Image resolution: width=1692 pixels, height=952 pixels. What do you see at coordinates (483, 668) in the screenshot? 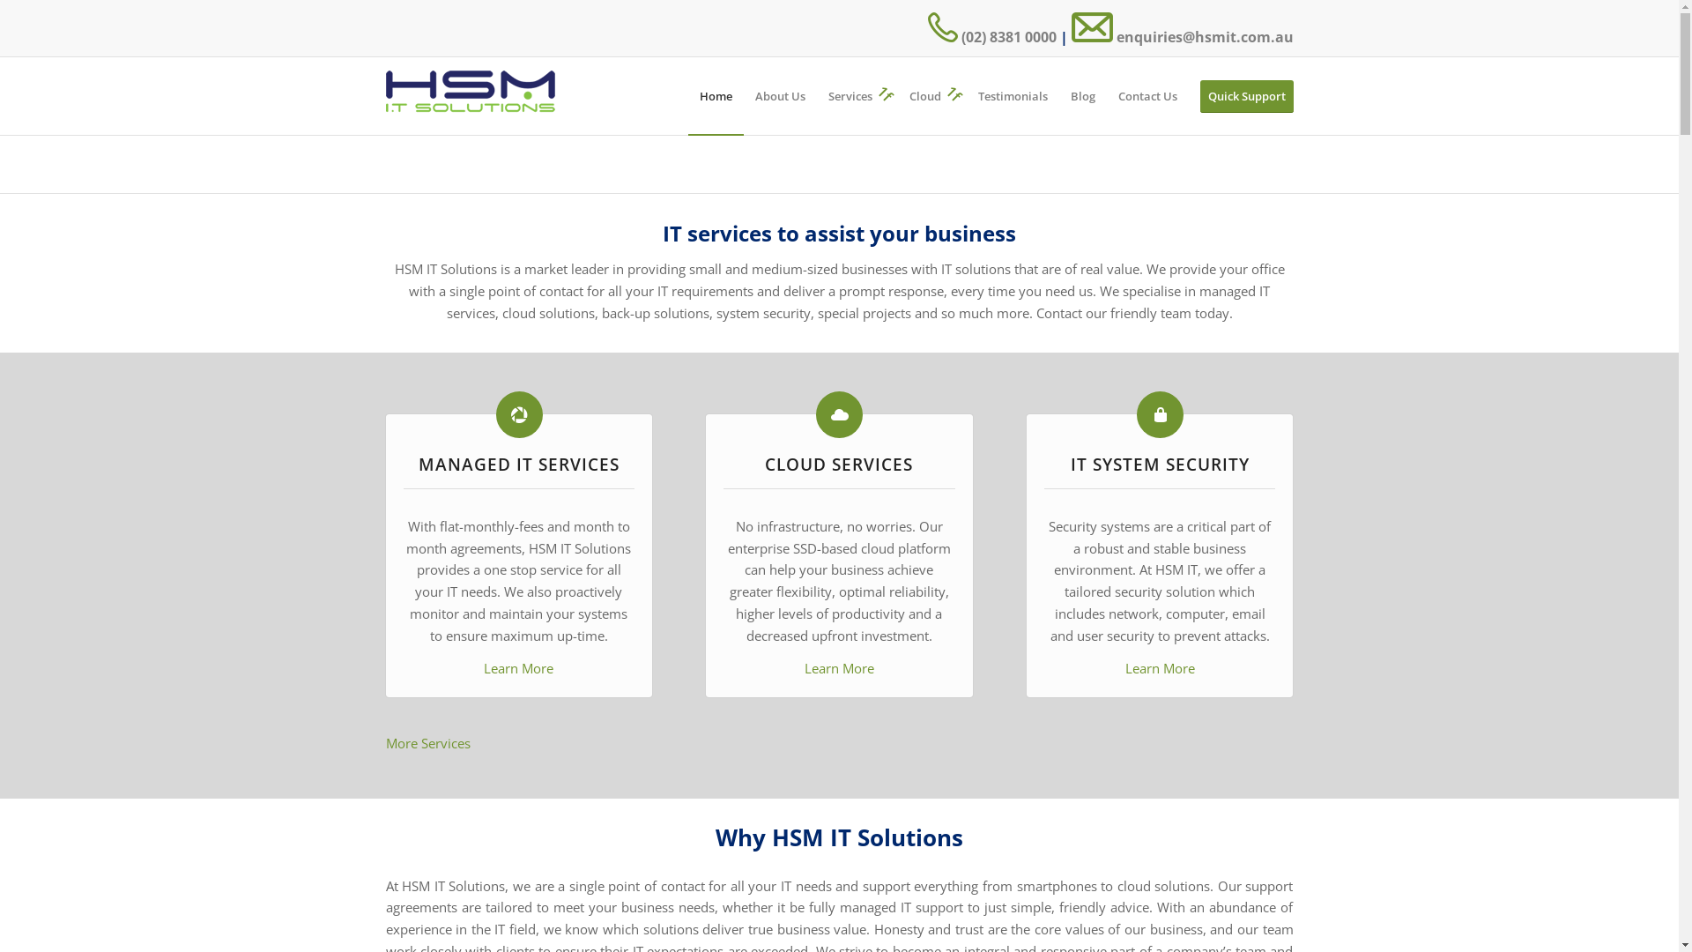
I see `'Learn More'` at bounding box center [483, 668].